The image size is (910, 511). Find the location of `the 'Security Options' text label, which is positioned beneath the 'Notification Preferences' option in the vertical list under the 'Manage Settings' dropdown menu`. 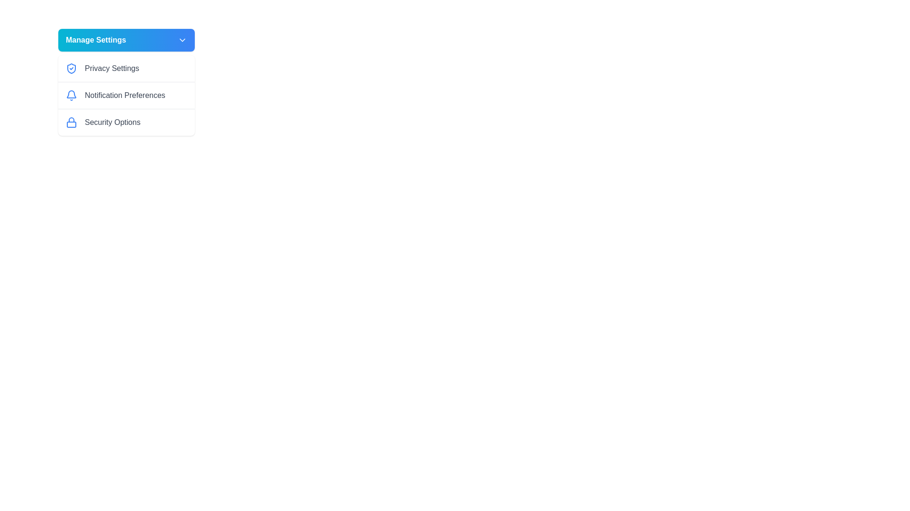

the 'Security Options' text label, which is positioned beneath the 'Notification Preferences' option in the vertical list under the 'Manage Settings' dropdown menu is located at coordinates (112, 122).